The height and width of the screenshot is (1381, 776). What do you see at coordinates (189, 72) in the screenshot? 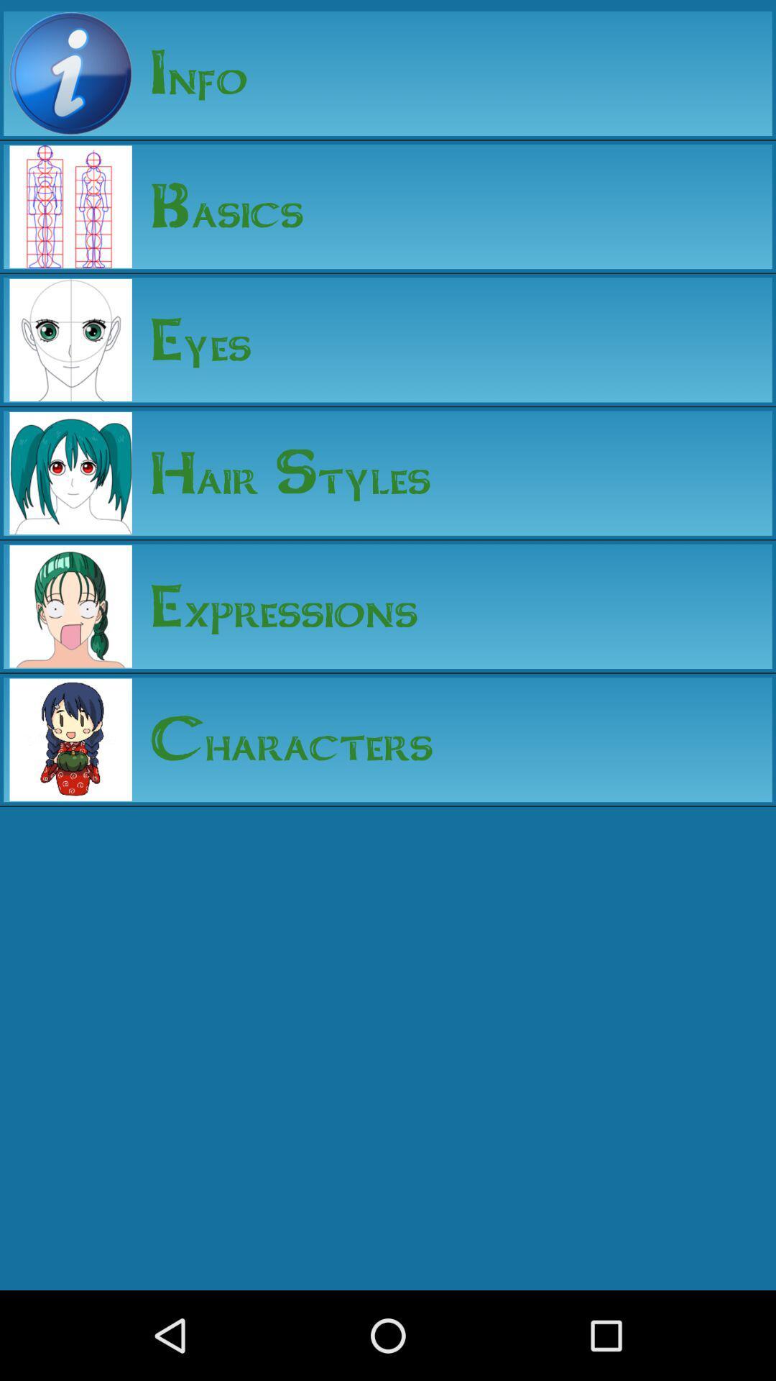
I see `the info icon` at bounding box center [189, 72].